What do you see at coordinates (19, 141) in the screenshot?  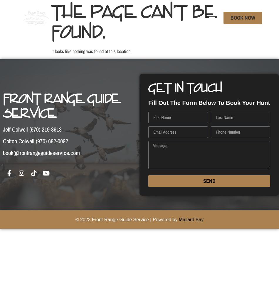 I see `'Colton Colwell'` at bounding box center [19, 141].